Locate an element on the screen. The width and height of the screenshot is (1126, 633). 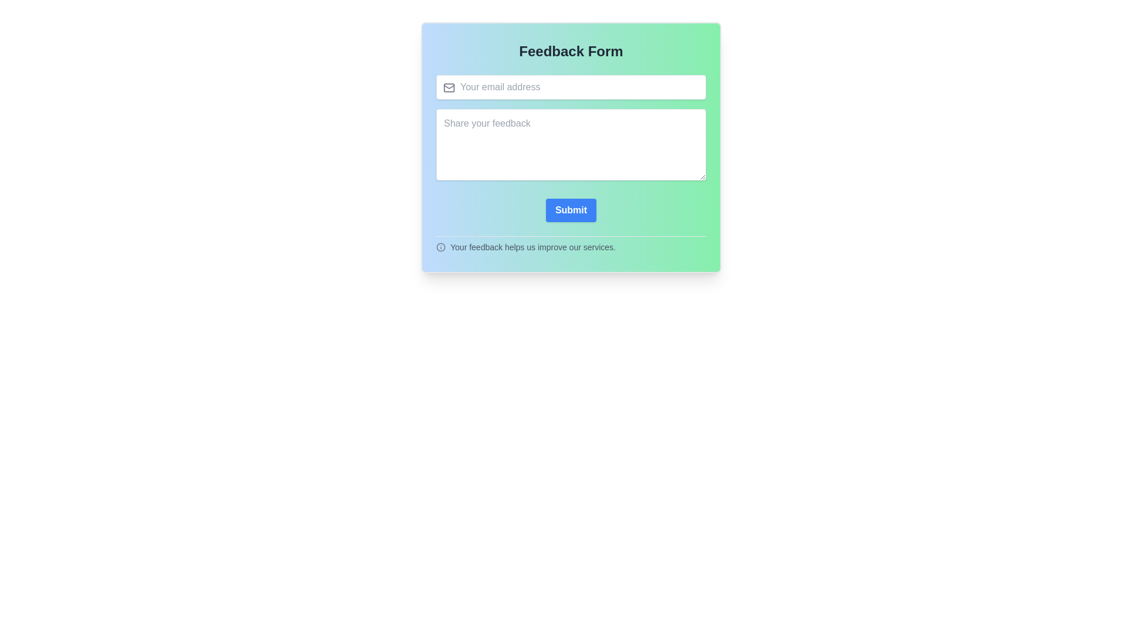
the multiline text input field with placeholder text 'Share your feedback' by pressing the tab key is located at coordinates (571, 144).